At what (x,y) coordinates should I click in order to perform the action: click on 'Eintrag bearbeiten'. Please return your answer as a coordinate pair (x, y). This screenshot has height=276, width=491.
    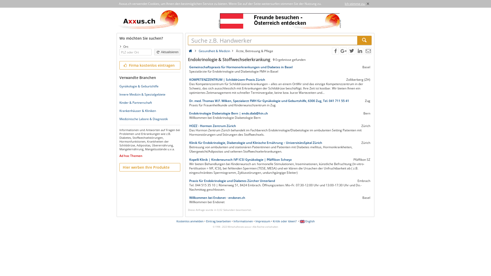
    Looking at the image, I should click on (218, 221).